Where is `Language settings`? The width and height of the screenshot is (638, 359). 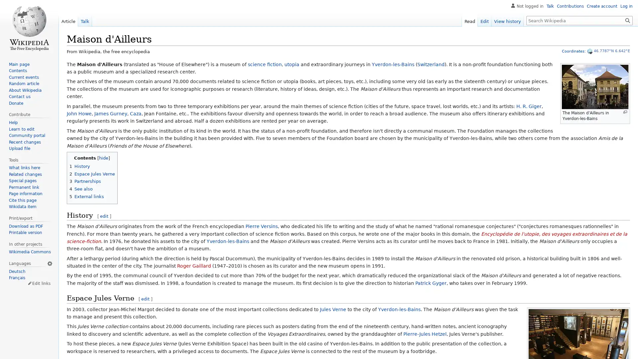
Language settings is located at coordinates (49, 263).